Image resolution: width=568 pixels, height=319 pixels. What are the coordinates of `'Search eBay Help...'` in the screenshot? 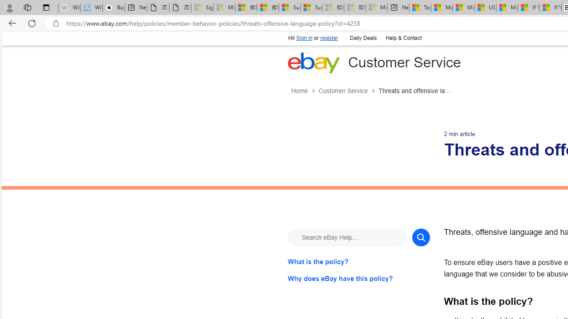 It's located at (347, 237).